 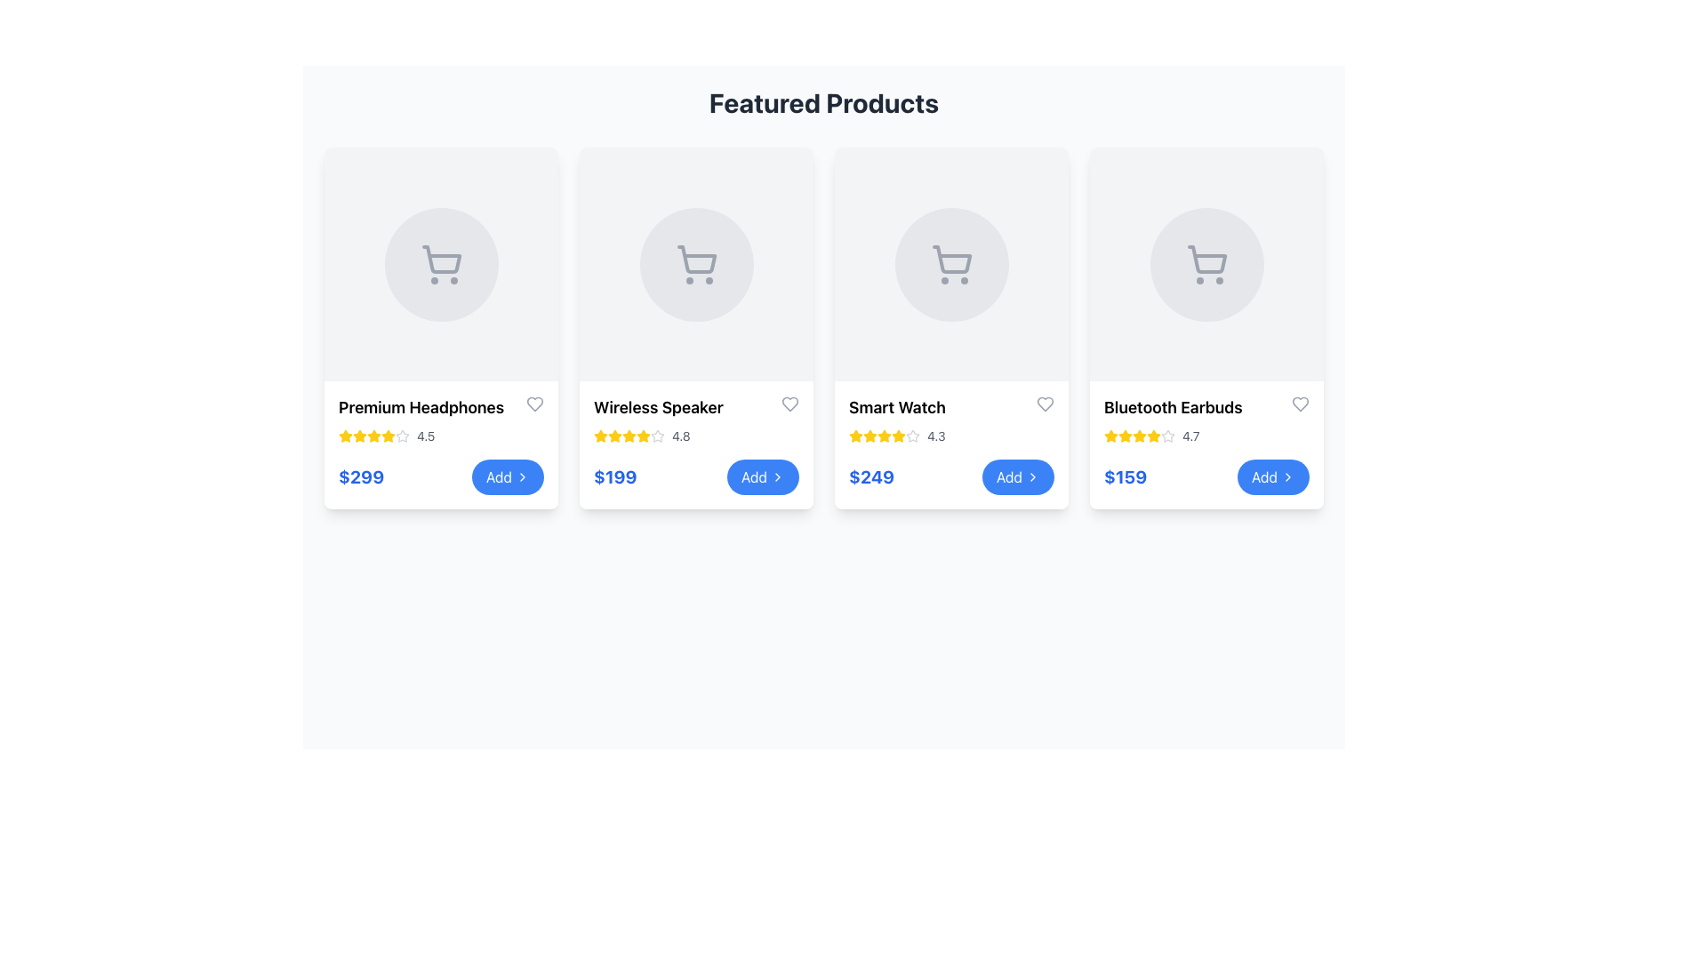 I want to click on the heart icon located on the 'Wireless Speaker' product card in the top-right corner, so click(x=789, y=404).